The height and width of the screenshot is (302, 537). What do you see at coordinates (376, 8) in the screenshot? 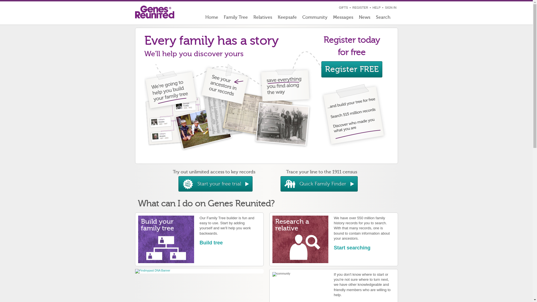
I see `'HELP'` at bounding box center [376, 8].